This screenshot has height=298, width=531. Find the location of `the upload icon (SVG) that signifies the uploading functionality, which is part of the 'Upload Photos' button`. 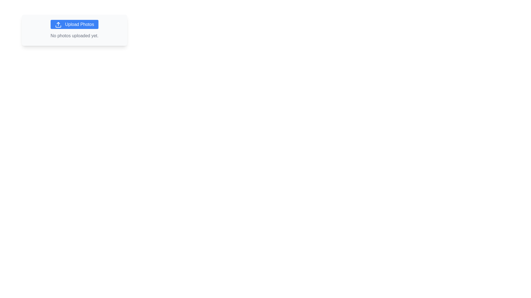

the upload icon (SVG) that signifies the uploading functionality, which is part of the 'Upload Photos' button is located at coordinates (58, 24).